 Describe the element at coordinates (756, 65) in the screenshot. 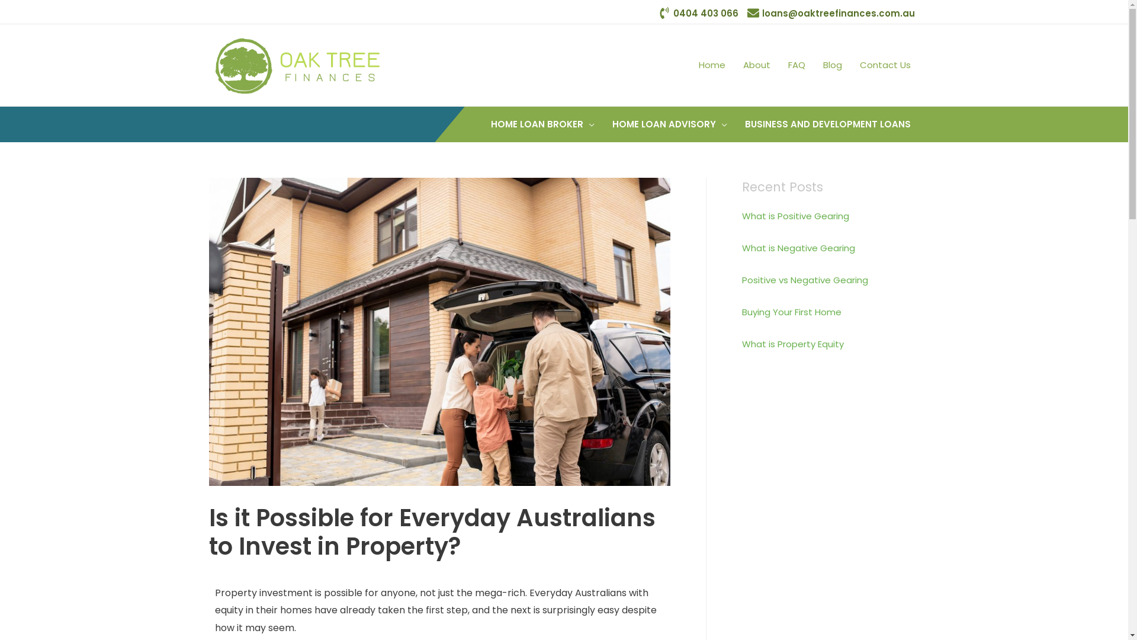

I see `'About'` at that location.